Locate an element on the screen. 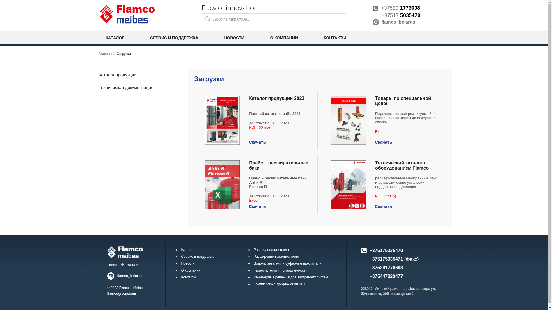 The height and width of the screenshot is (310, 552). 'flamcogroup.com' is located at coordinates (121, 293).